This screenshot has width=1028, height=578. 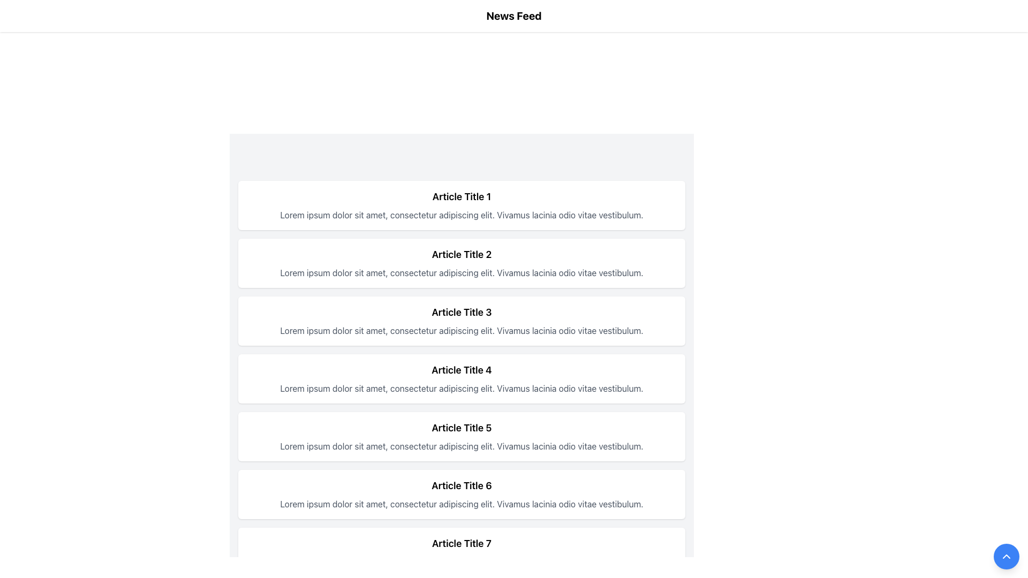 What do you see at coordinates (462, 504) in the screenshot?
I see `the static text paragraph styled with gray-colored text located below the bold title 'Article Title 6.'` at bounding box center [462, 504].